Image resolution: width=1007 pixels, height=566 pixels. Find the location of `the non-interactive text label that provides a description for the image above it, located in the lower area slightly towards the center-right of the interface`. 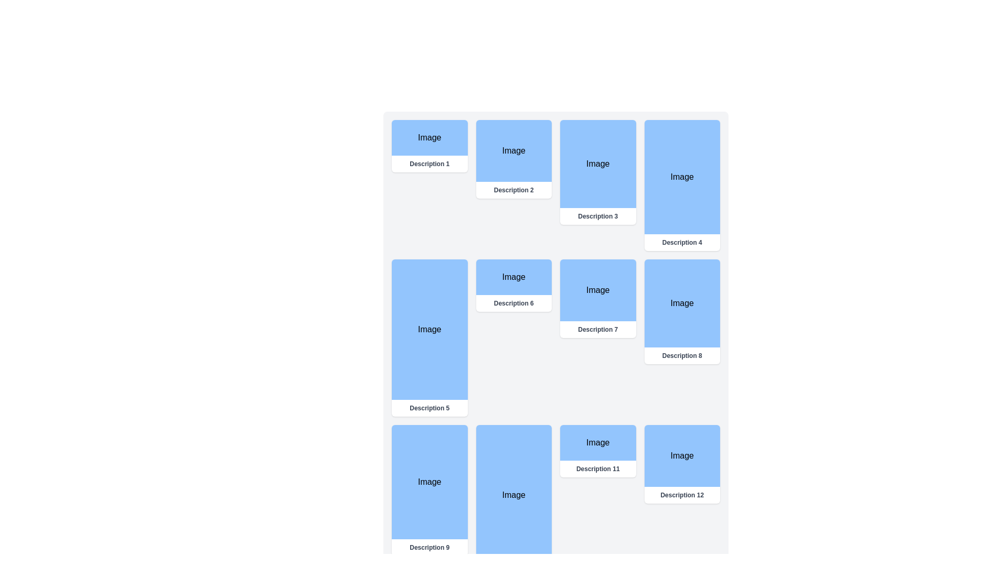

the non-interactive text label that provides a description for the image above it, located in the lower area slightly towards the center-right of the interface is located at coordinates (598, 468).